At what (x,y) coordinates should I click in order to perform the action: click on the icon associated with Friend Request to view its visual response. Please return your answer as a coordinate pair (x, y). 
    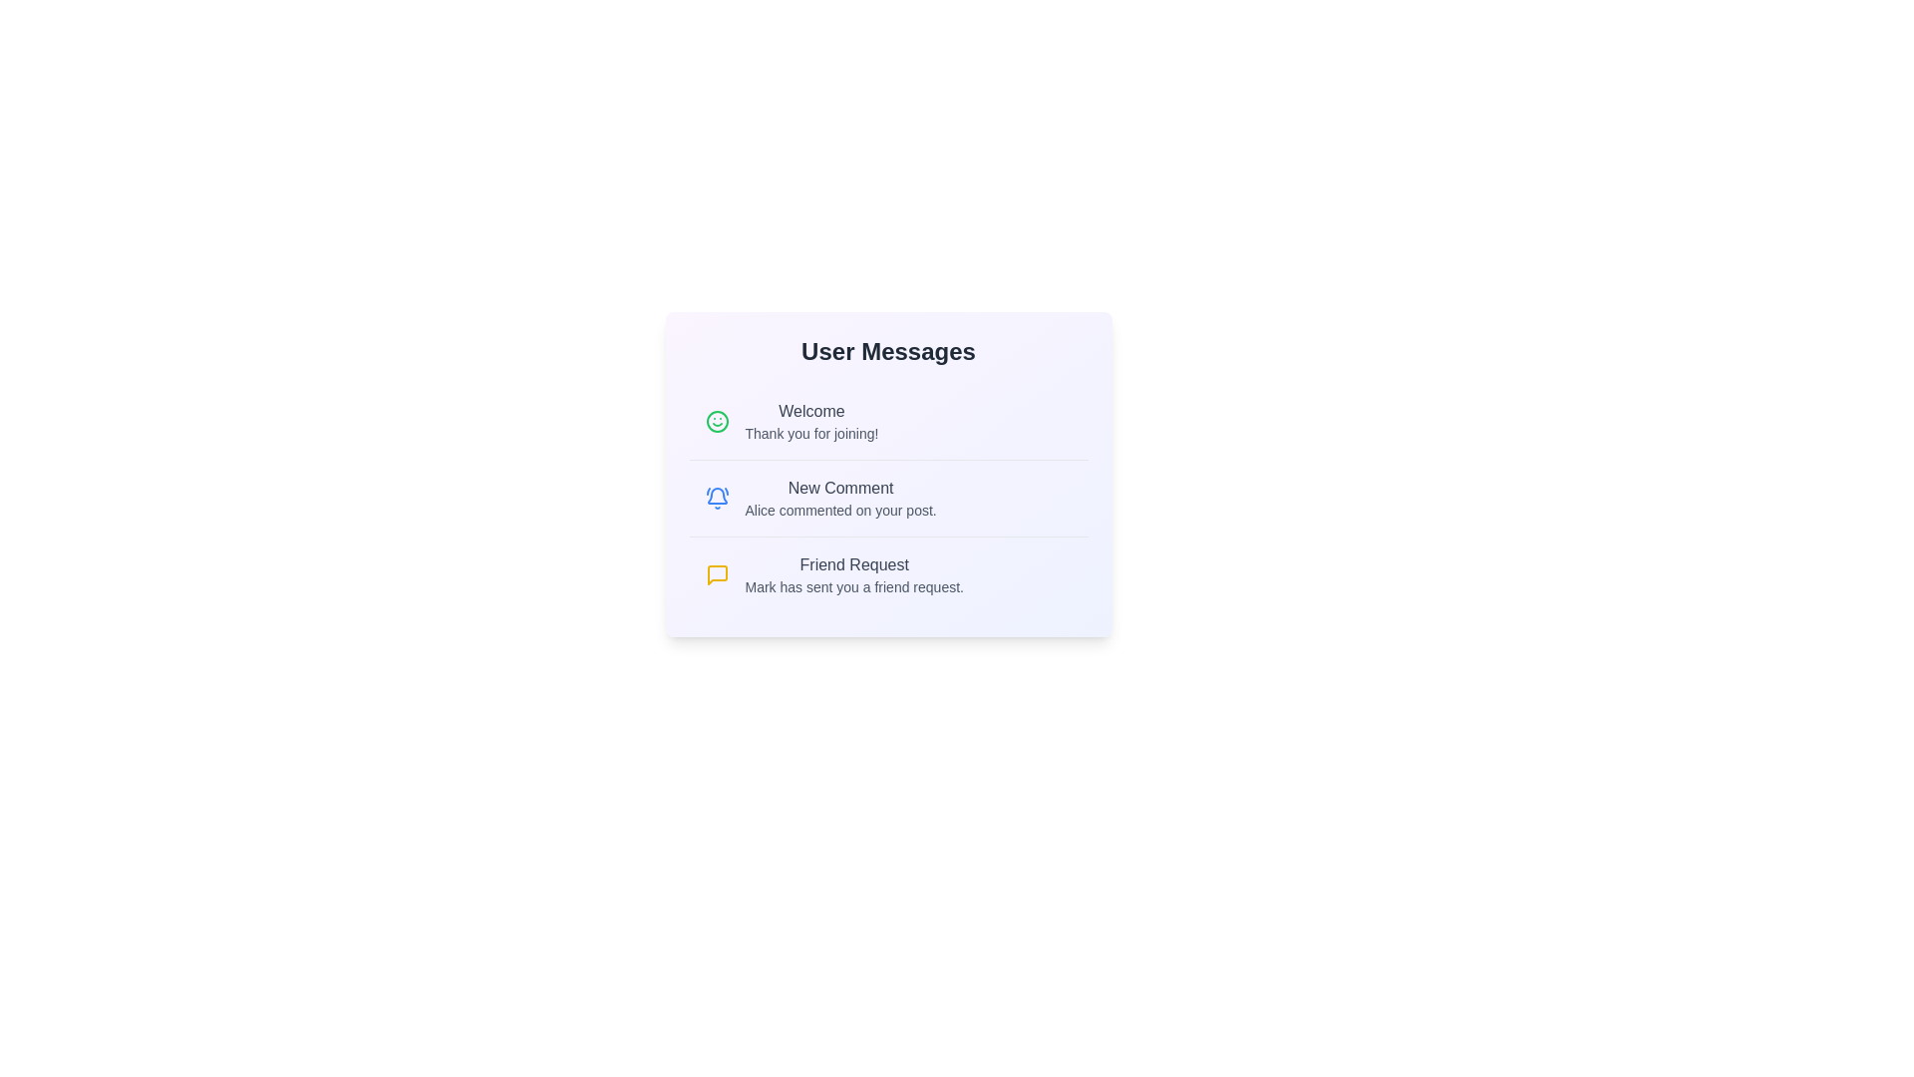
    Looking at the image, I should click on (717, 575).